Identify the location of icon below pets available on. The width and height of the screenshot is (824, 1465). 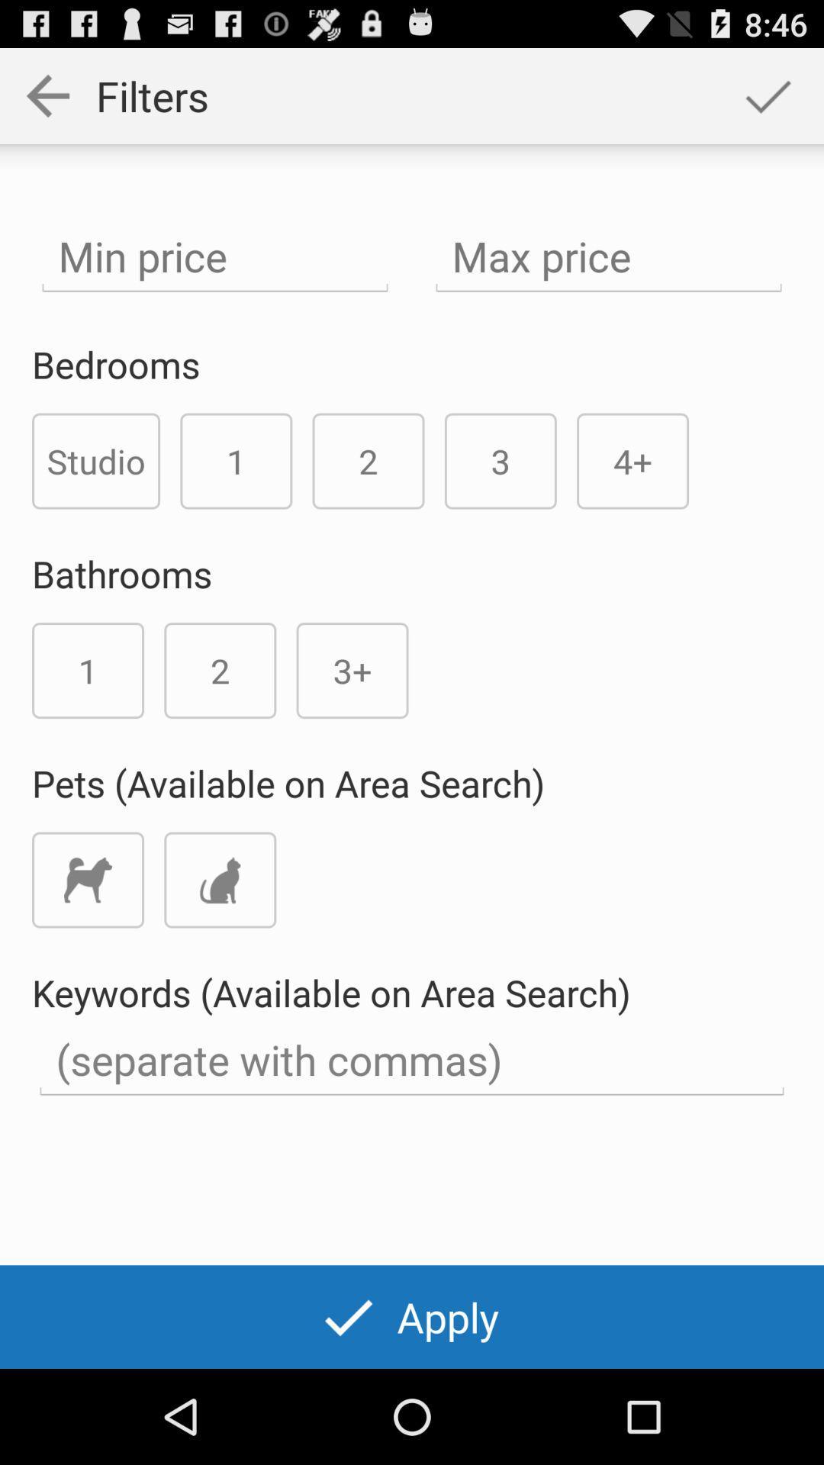
(220, 880).